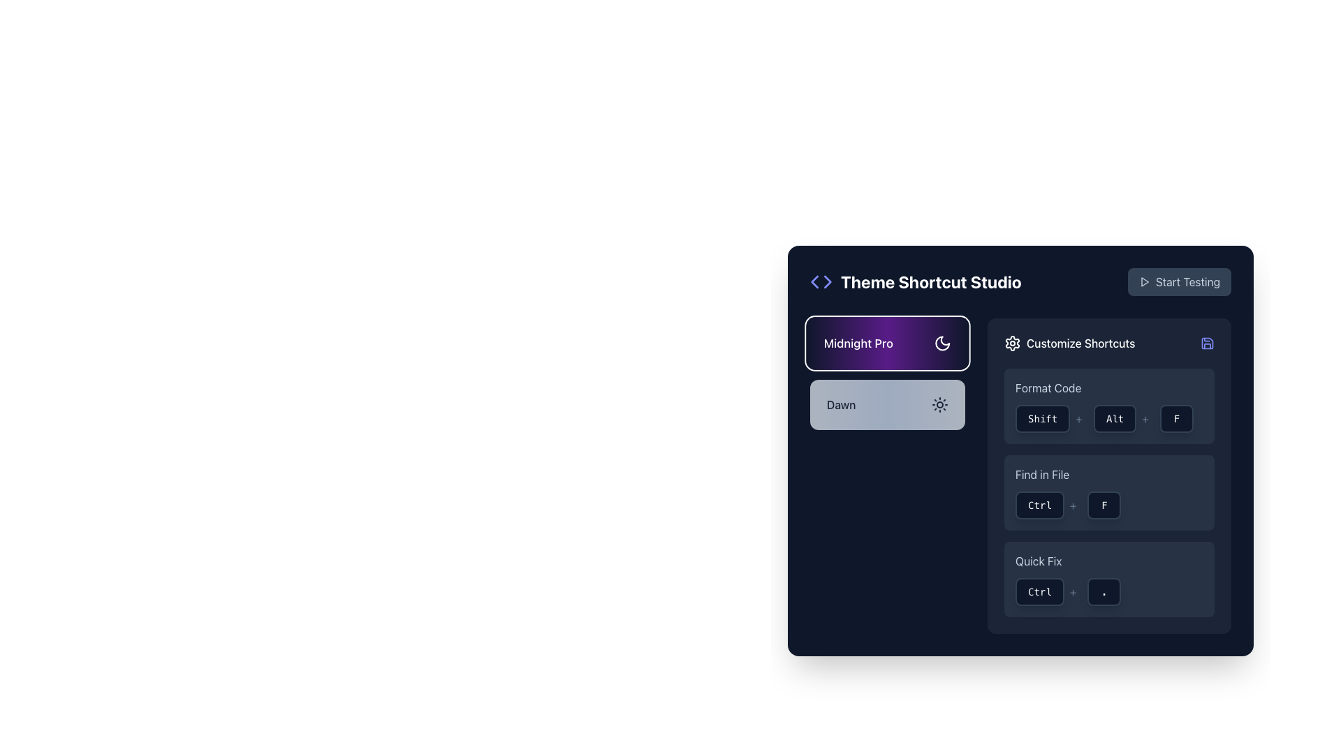 The image size is (1341, 754). I want to click on the bold white textual heading with a small indigo code icon to its left, located at the top left side of the panel, so click(916, 282).